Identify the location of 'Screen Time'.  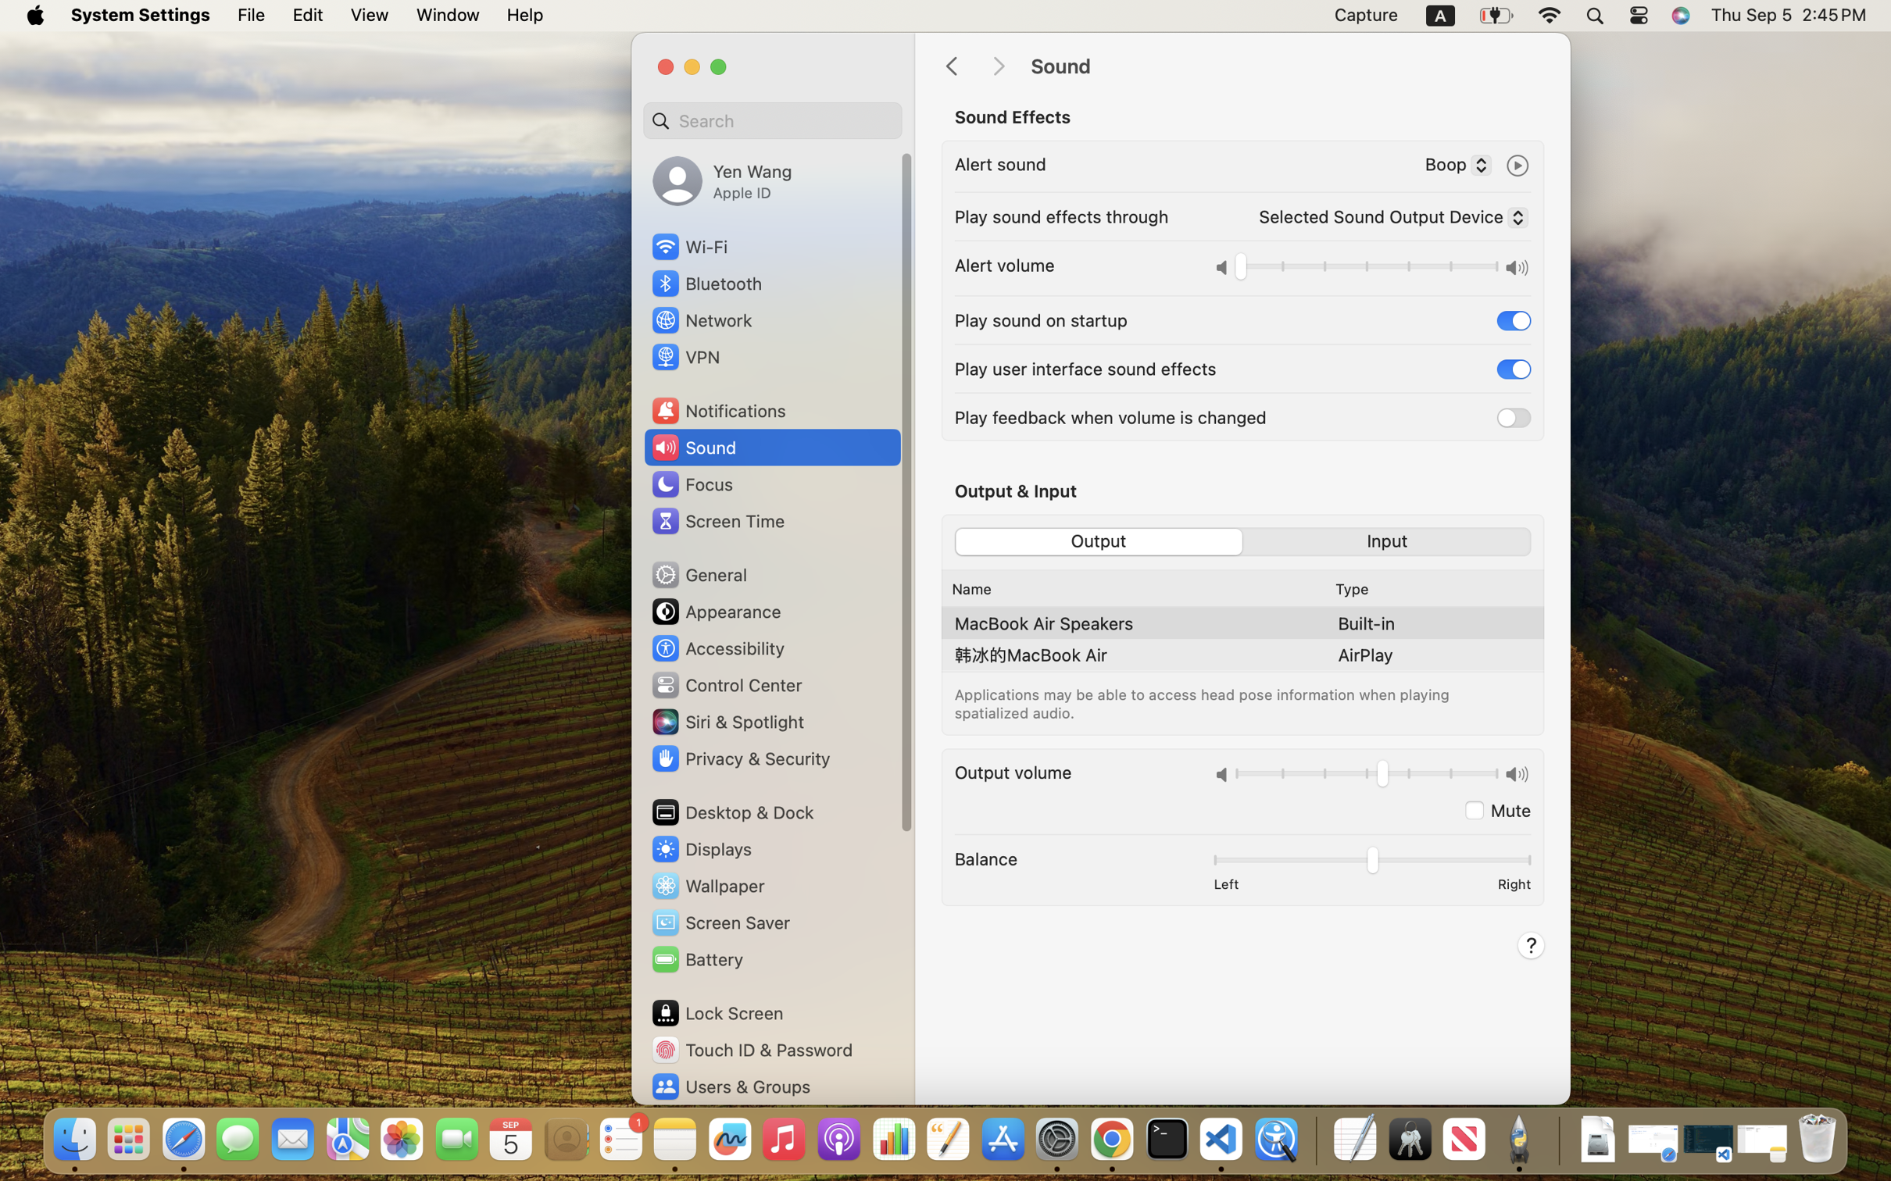
(717, 519).